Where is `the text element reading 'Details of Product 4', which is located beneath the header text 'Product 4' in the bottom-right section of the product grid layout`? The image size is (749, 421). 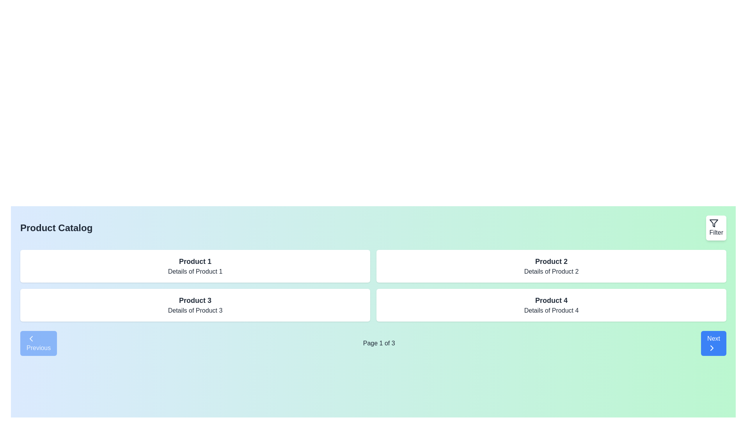
the text element reading 'Details of Product 4', which is located beneath the header text 'Product 4' in the bottom-right section of the product grid layout is located at coordinates (551, 310).